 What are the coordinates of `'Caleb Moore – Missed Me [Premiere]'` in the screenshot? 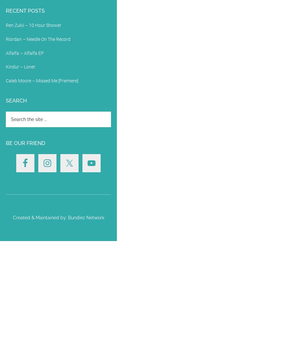 It's located at (42, 81).